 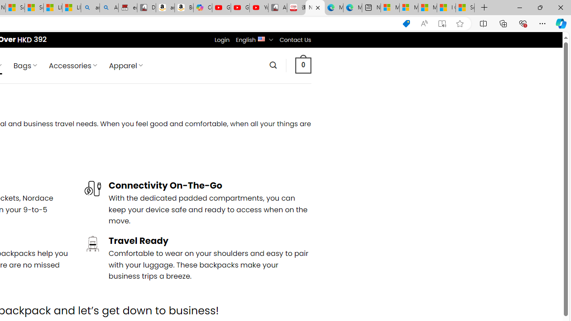 I want to click on 'amazon.in/dp/B0CX59H5W7/?tag=gsmcom05-21', so click(x=165, y=8).